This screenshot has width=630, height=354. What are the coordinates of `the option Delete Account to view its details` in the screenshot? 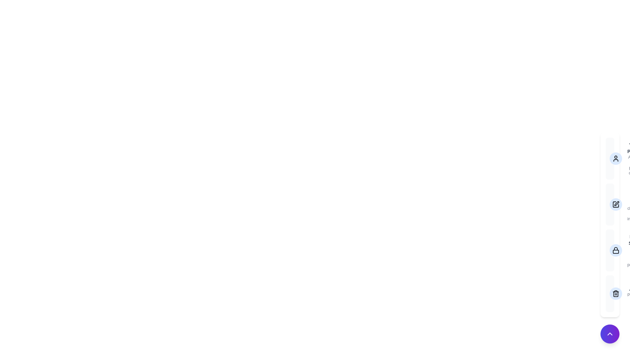 It's located at (609, 293).